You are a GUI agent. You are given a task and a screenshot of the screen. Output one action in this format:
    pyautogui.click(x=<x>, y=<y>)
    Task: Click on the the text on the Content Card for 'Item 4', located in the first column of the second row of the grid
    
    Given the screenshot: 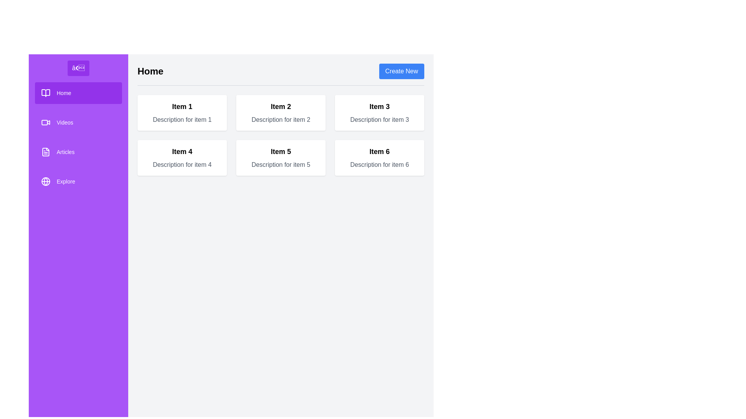 What is the action you would take?
    pyautogui.click(x=182, y=158)
    